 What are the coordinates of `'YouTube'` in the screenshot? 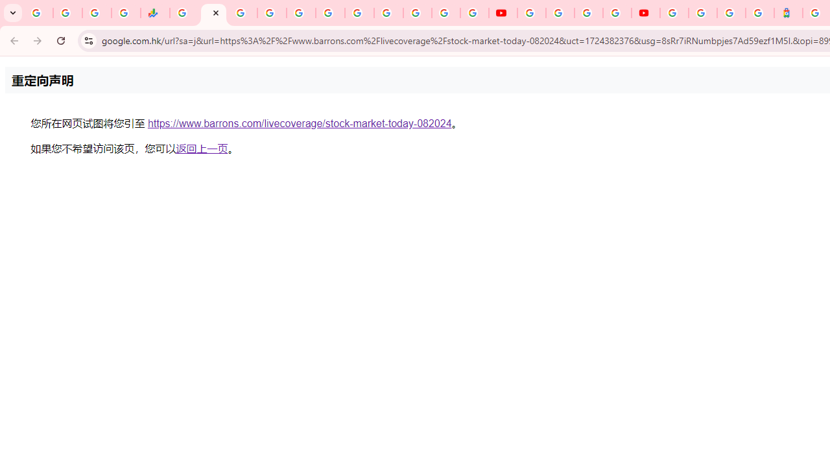 It's located at (531, 13).